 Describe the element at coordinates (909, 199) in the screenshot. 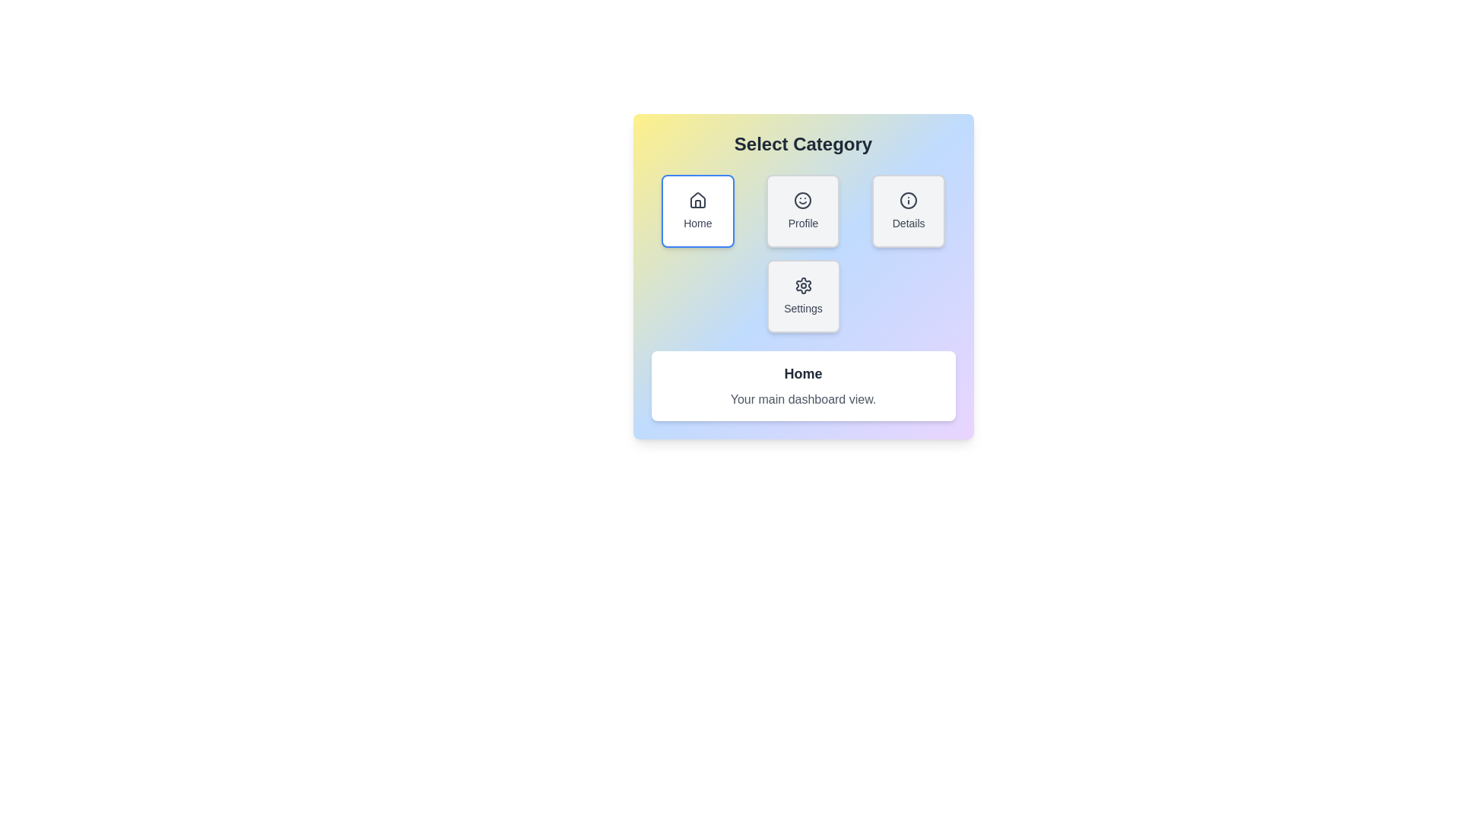

I see `the 'Details' button which contains the information icon resembling a circle outline with a vertical line and a dot above it, located in the top-right section of the grid under the 'Select Category' heading` at that location.